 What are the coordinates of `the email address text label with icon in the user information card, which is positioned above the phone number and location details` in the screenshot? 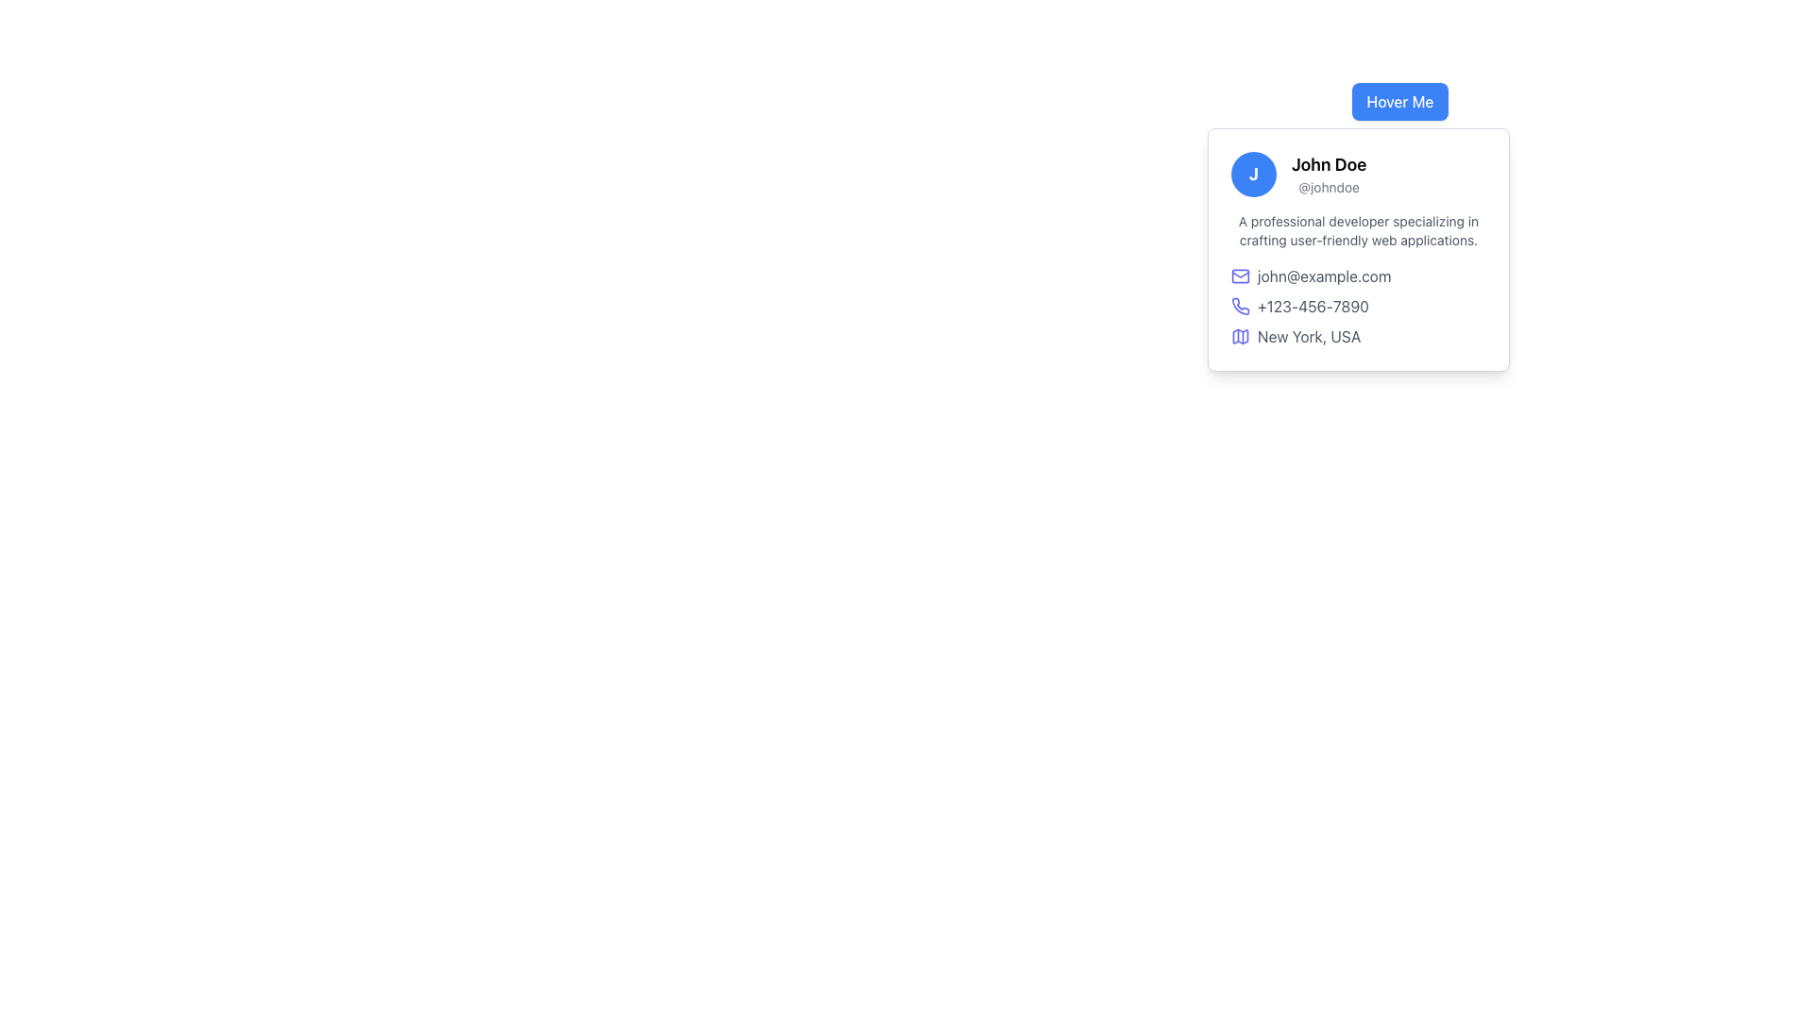 It's located at (1358, 276).